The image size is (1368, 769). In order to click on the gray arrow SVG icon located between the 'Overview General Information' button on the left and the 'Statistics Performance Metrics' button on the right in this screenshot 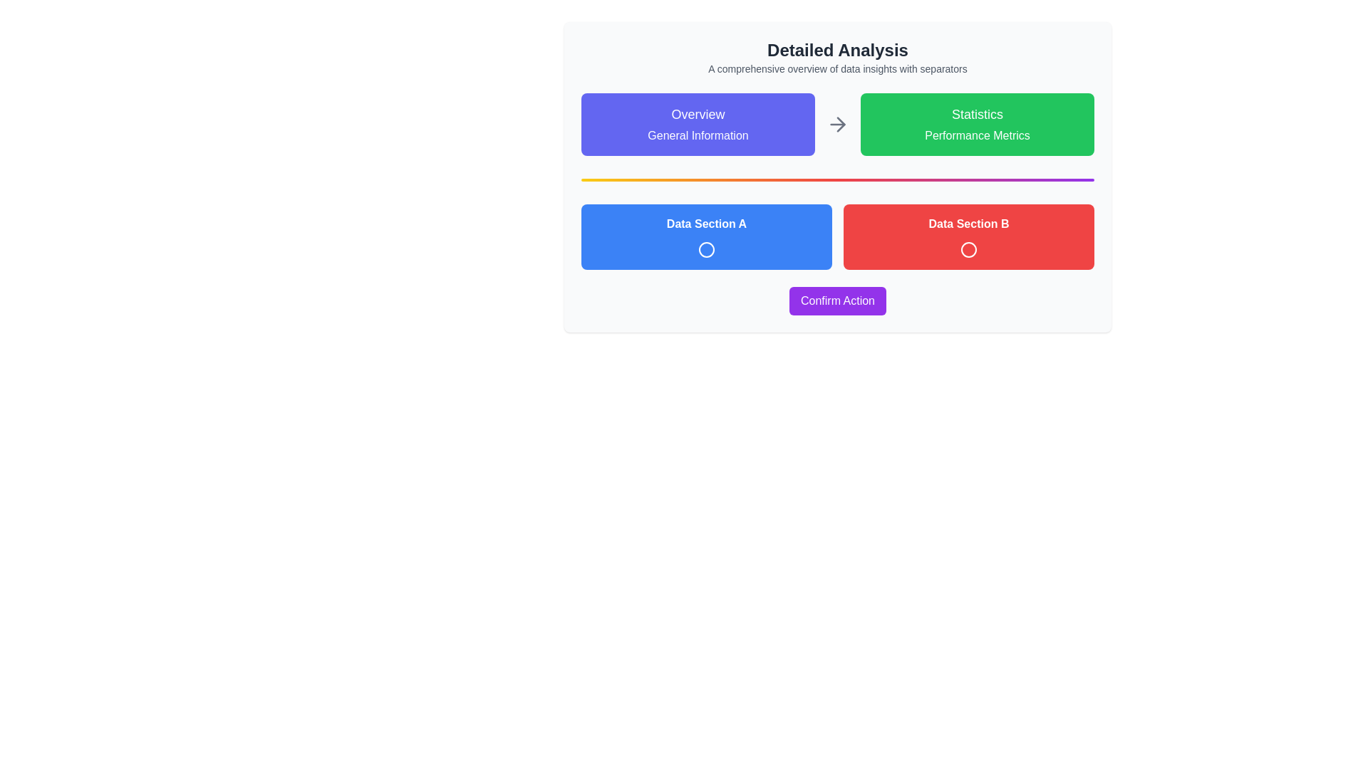, I will do `click(838, 123)`.